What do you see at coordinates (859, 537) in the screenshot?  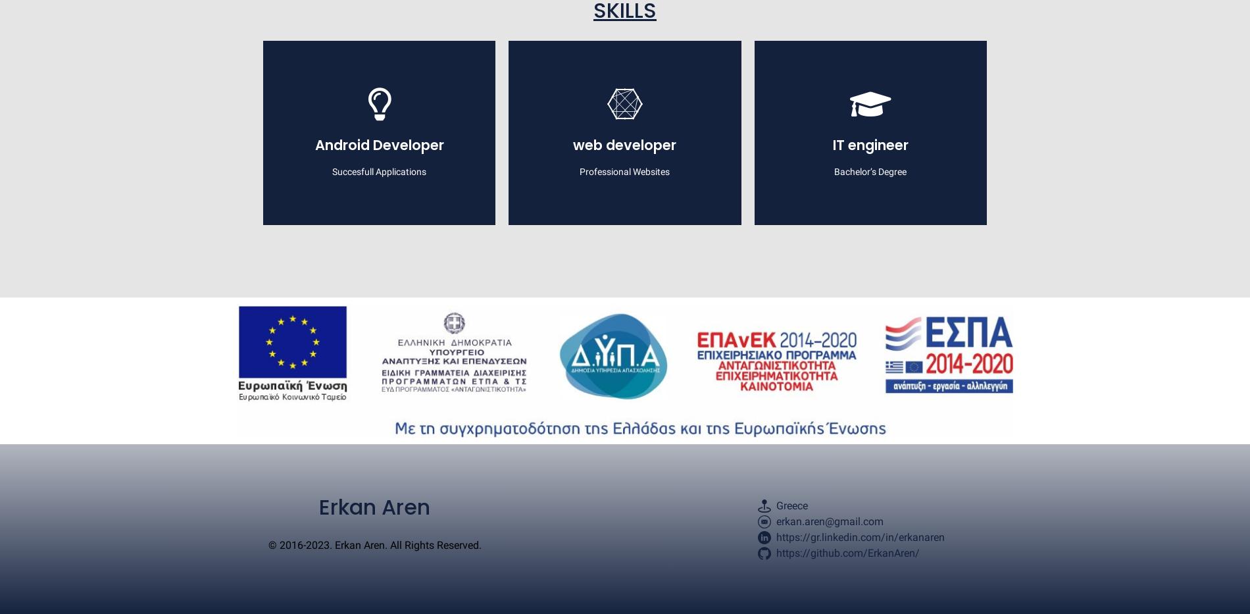 I see `'https://gr.linkedin.com/in/erkanaren'` at bounding box center [859, 537].